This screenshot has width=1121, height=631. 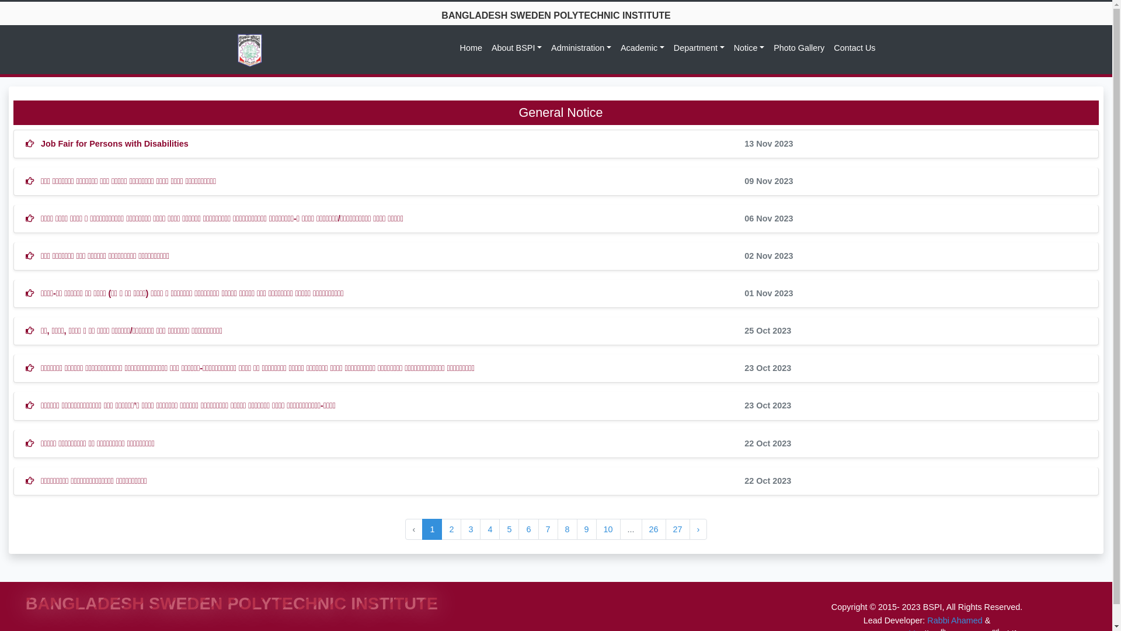 What do you see at coordinates (586, 529) in the screenshot?
I see `'9'` at bounding box center [586, 529].